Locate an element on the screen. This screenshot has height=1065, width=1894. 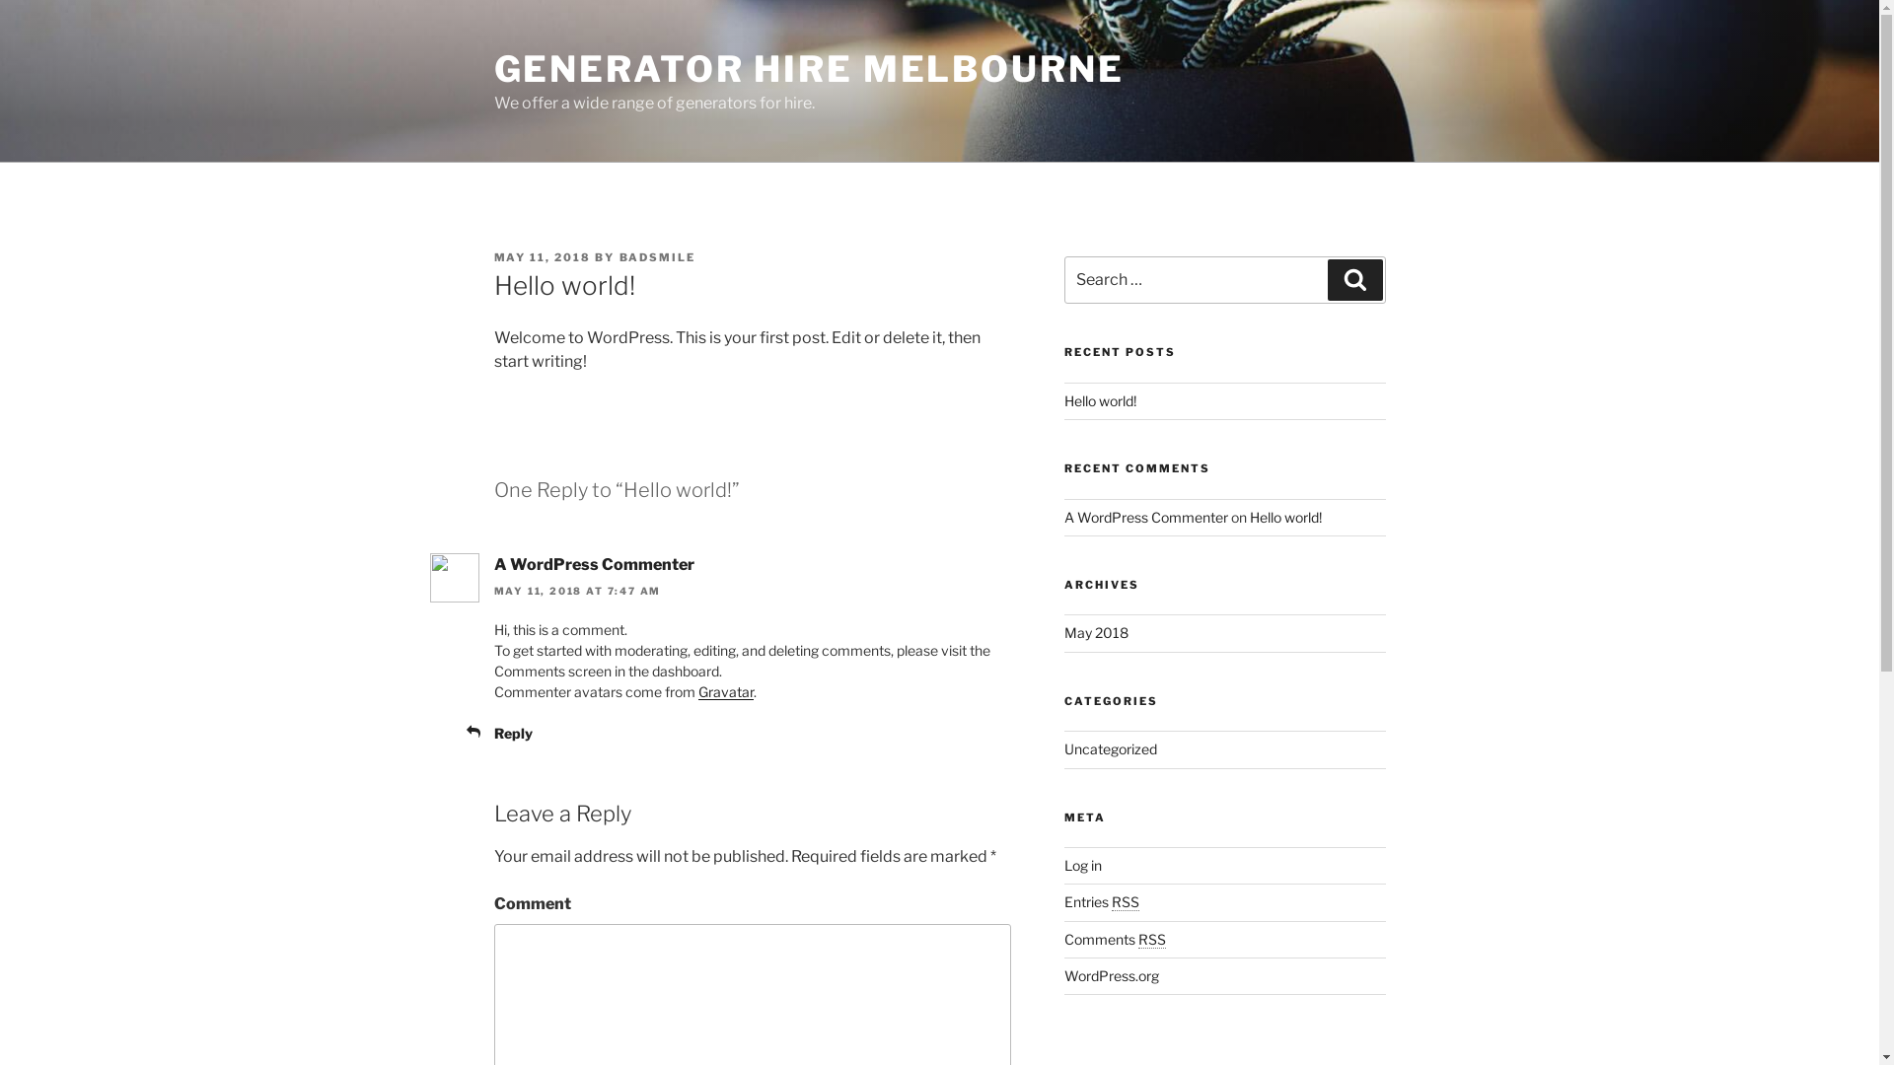
'Comments RSS' is located at coordinates (1063, 938).